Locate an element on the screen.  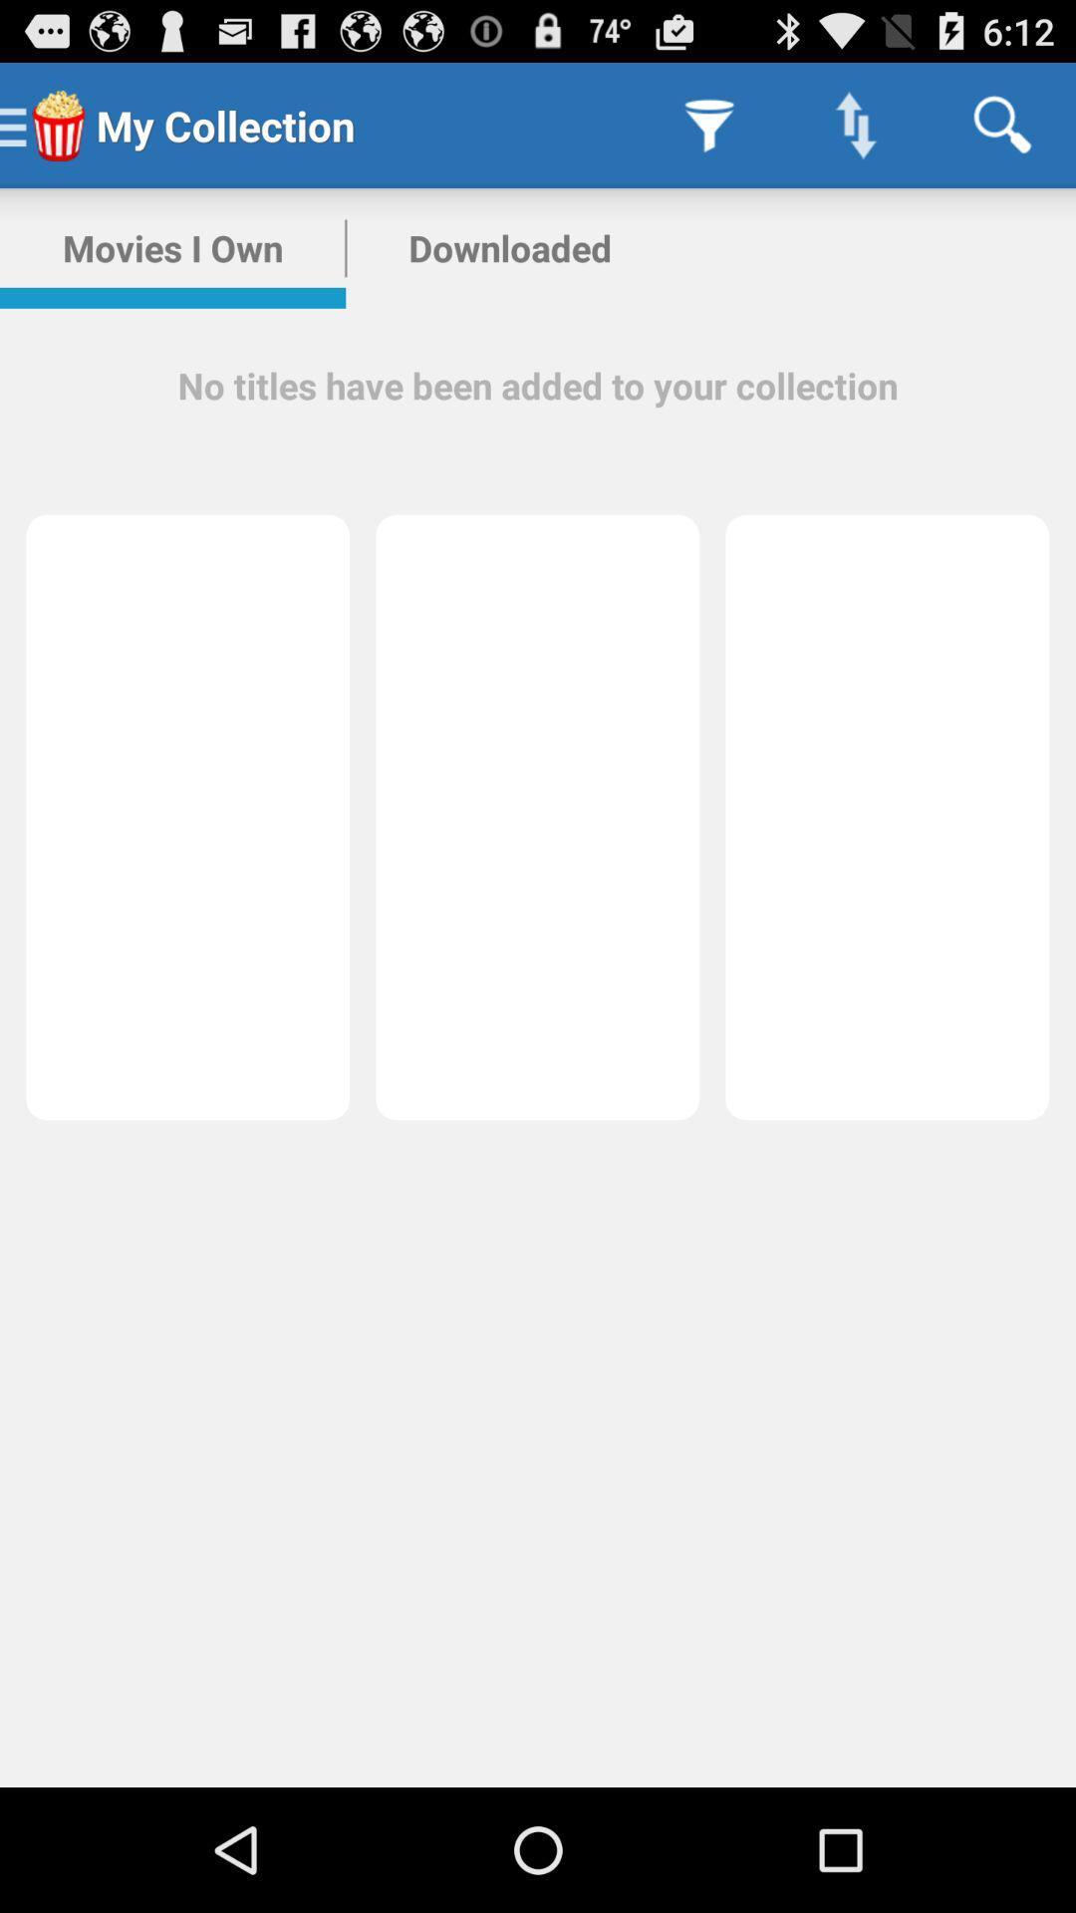
the downloaded app is located at coordinates (509, 247).